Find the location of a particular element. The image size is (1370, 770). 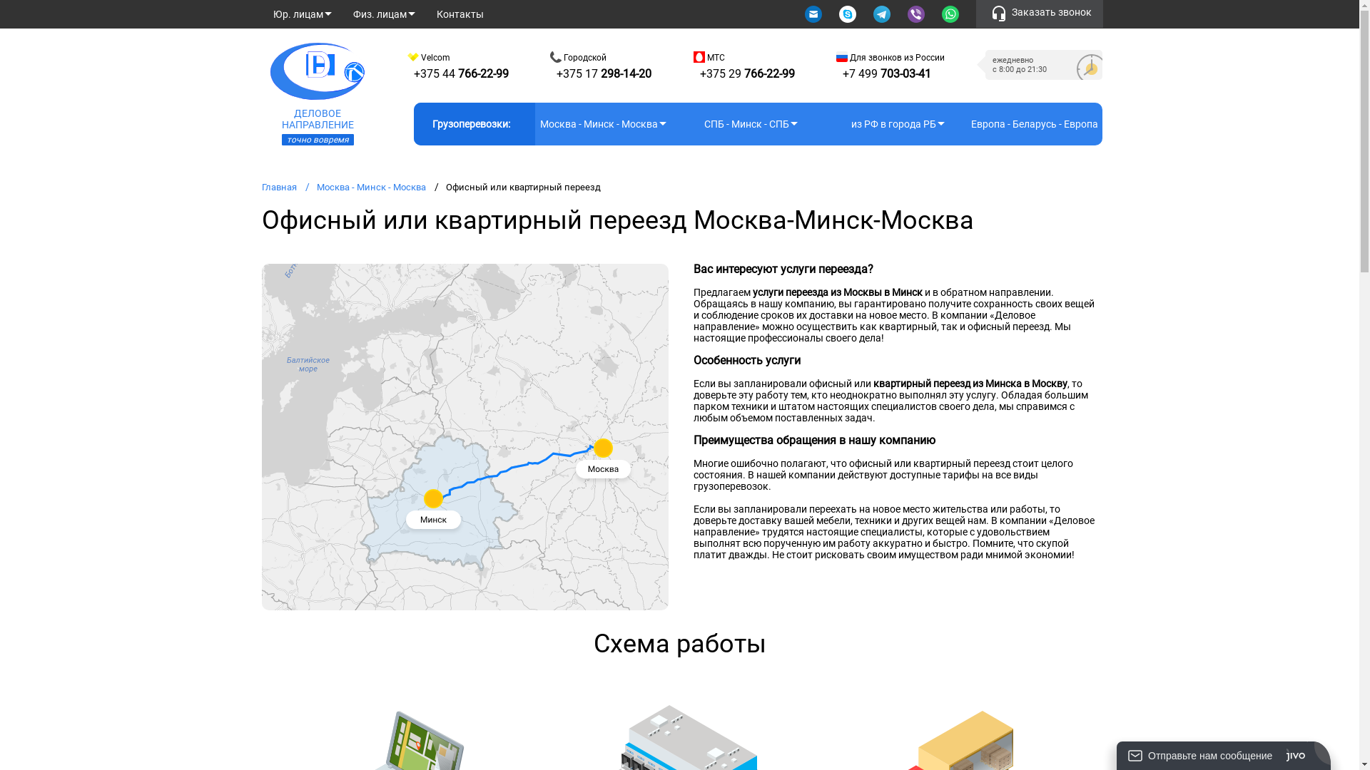

'Viber' is located at coordinates (907, 14).